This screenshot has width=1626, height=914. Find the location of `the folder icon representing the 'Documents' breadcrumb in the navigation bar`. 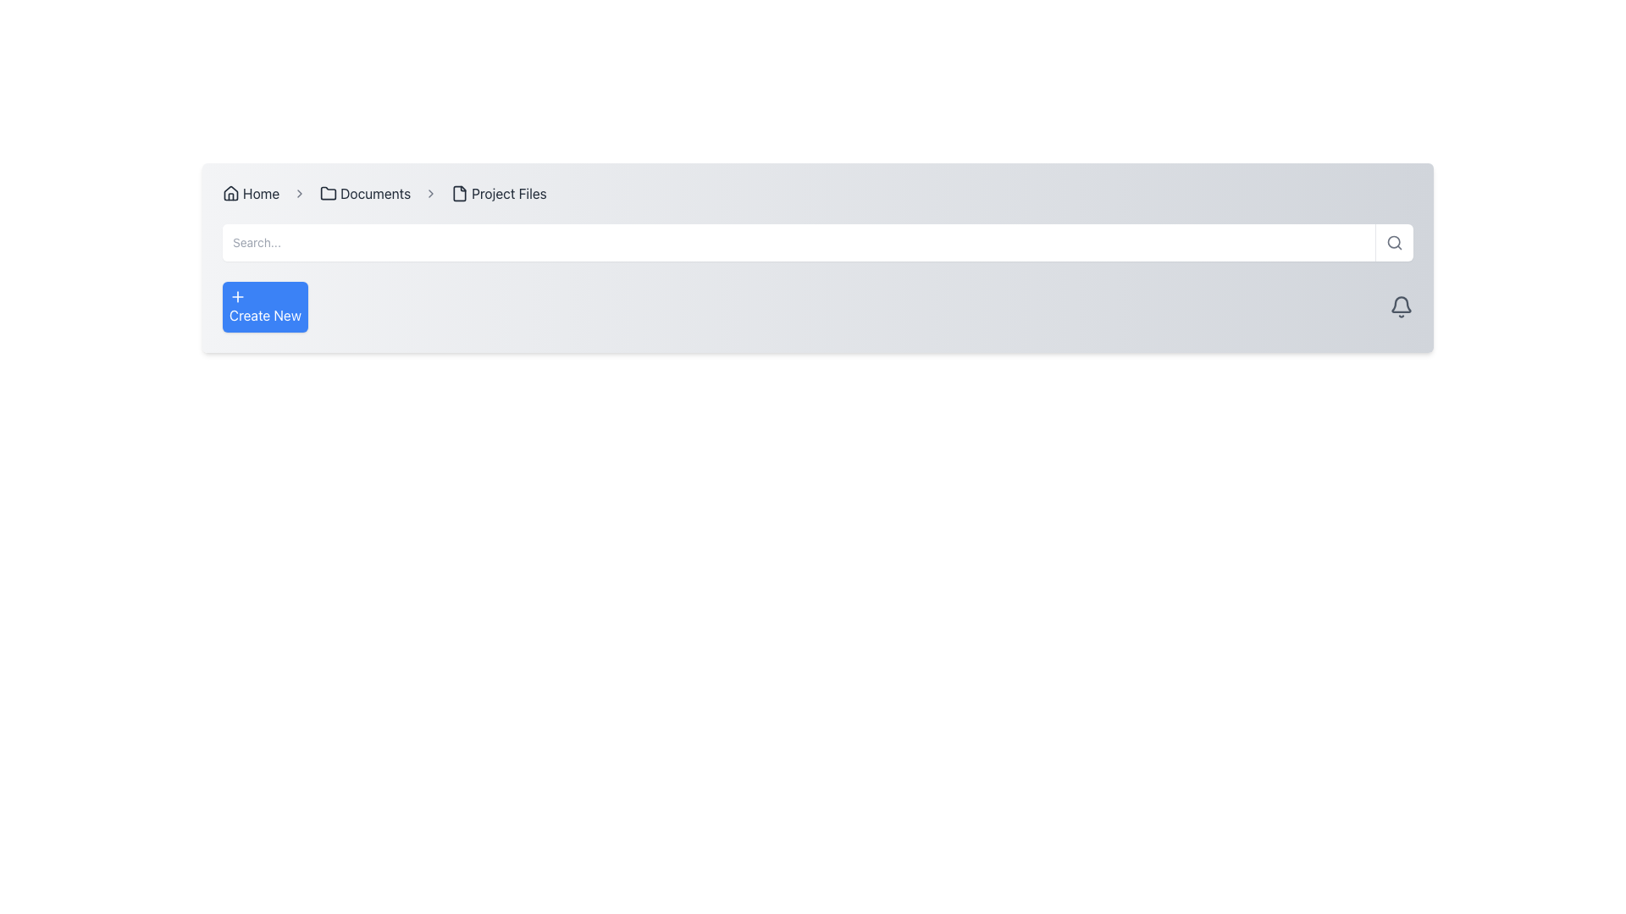

the folder icon representing the 'Documents' breadcrumb in the navigation bar is located at coordinates (329, 192).